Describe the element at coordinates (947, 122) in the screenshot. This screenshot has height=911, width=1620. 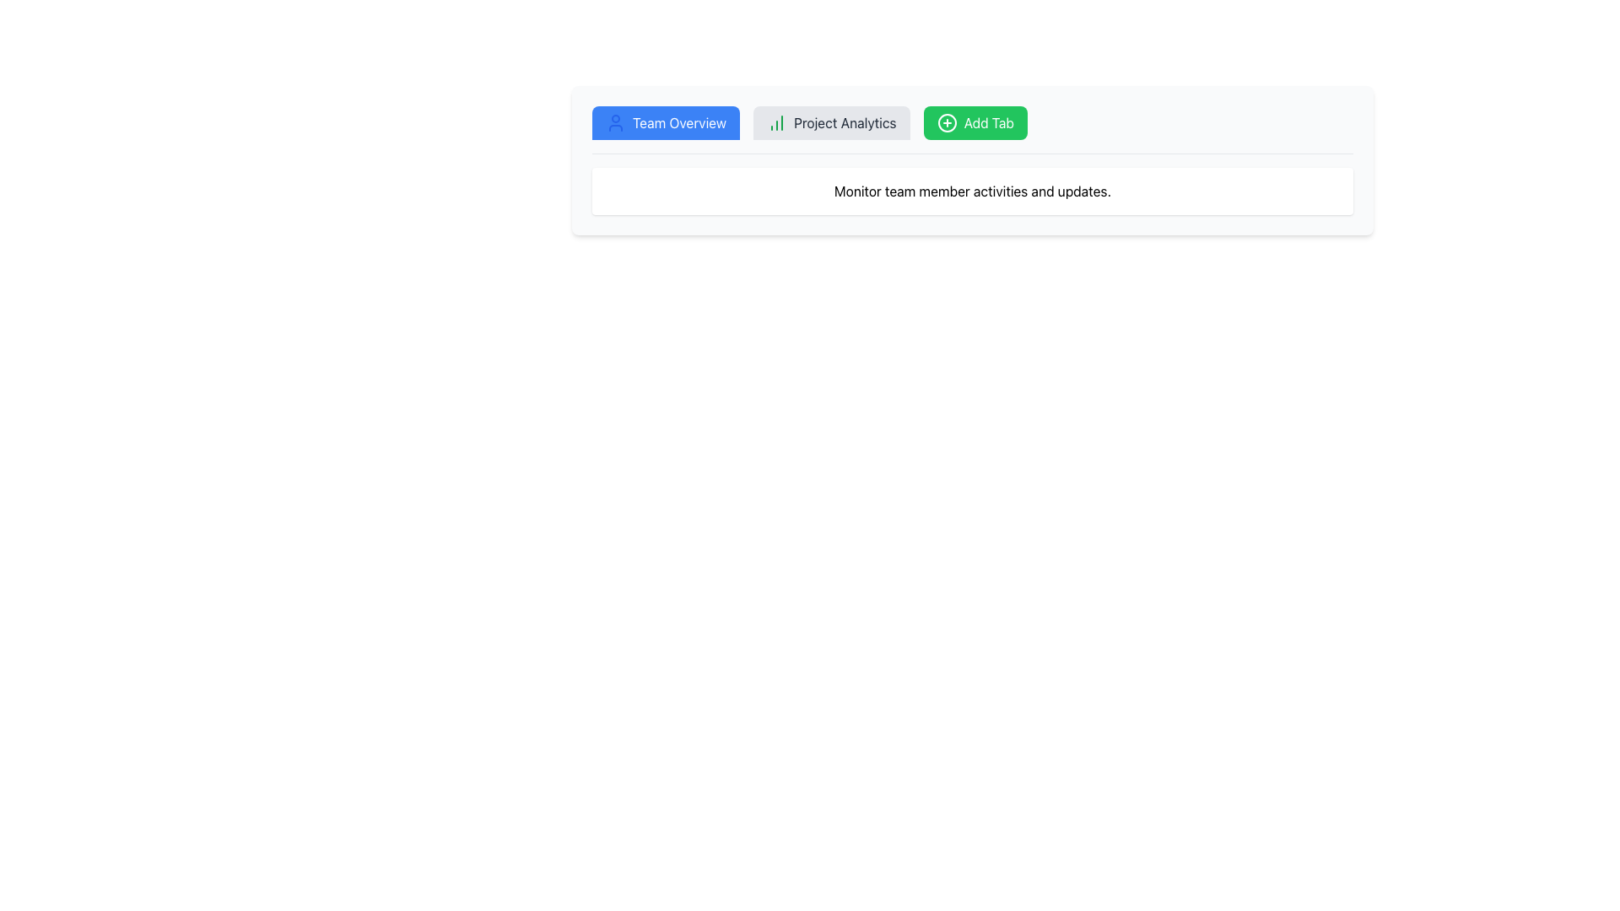
I see `the interactive graphic circular icon, which is part of the 'Add Tab' button` at that location.